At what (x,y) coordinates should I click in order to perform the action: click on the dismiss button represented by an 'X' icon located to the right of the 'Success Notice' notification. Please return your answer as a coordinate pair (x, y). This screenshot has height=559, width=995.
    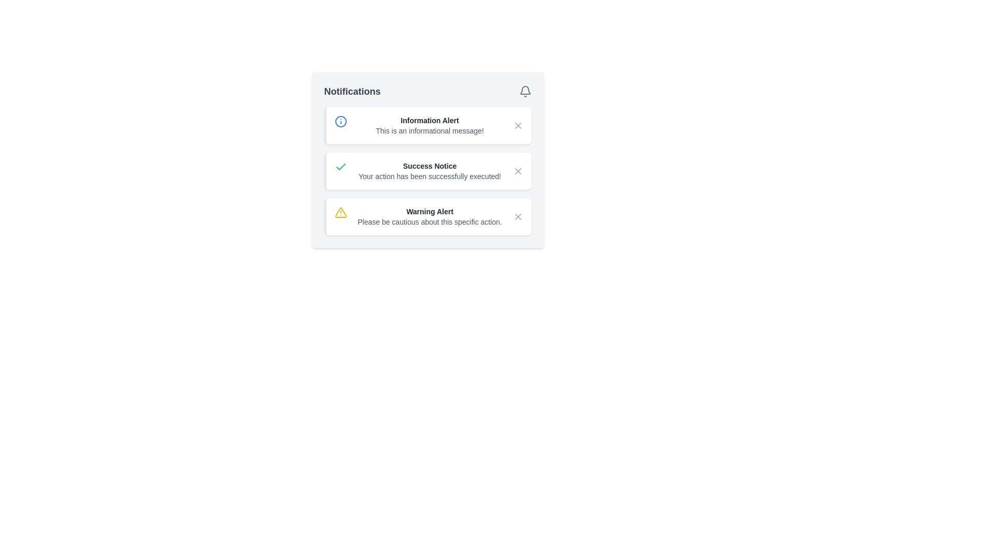
    Looking at the image, I should click on (518, 171).